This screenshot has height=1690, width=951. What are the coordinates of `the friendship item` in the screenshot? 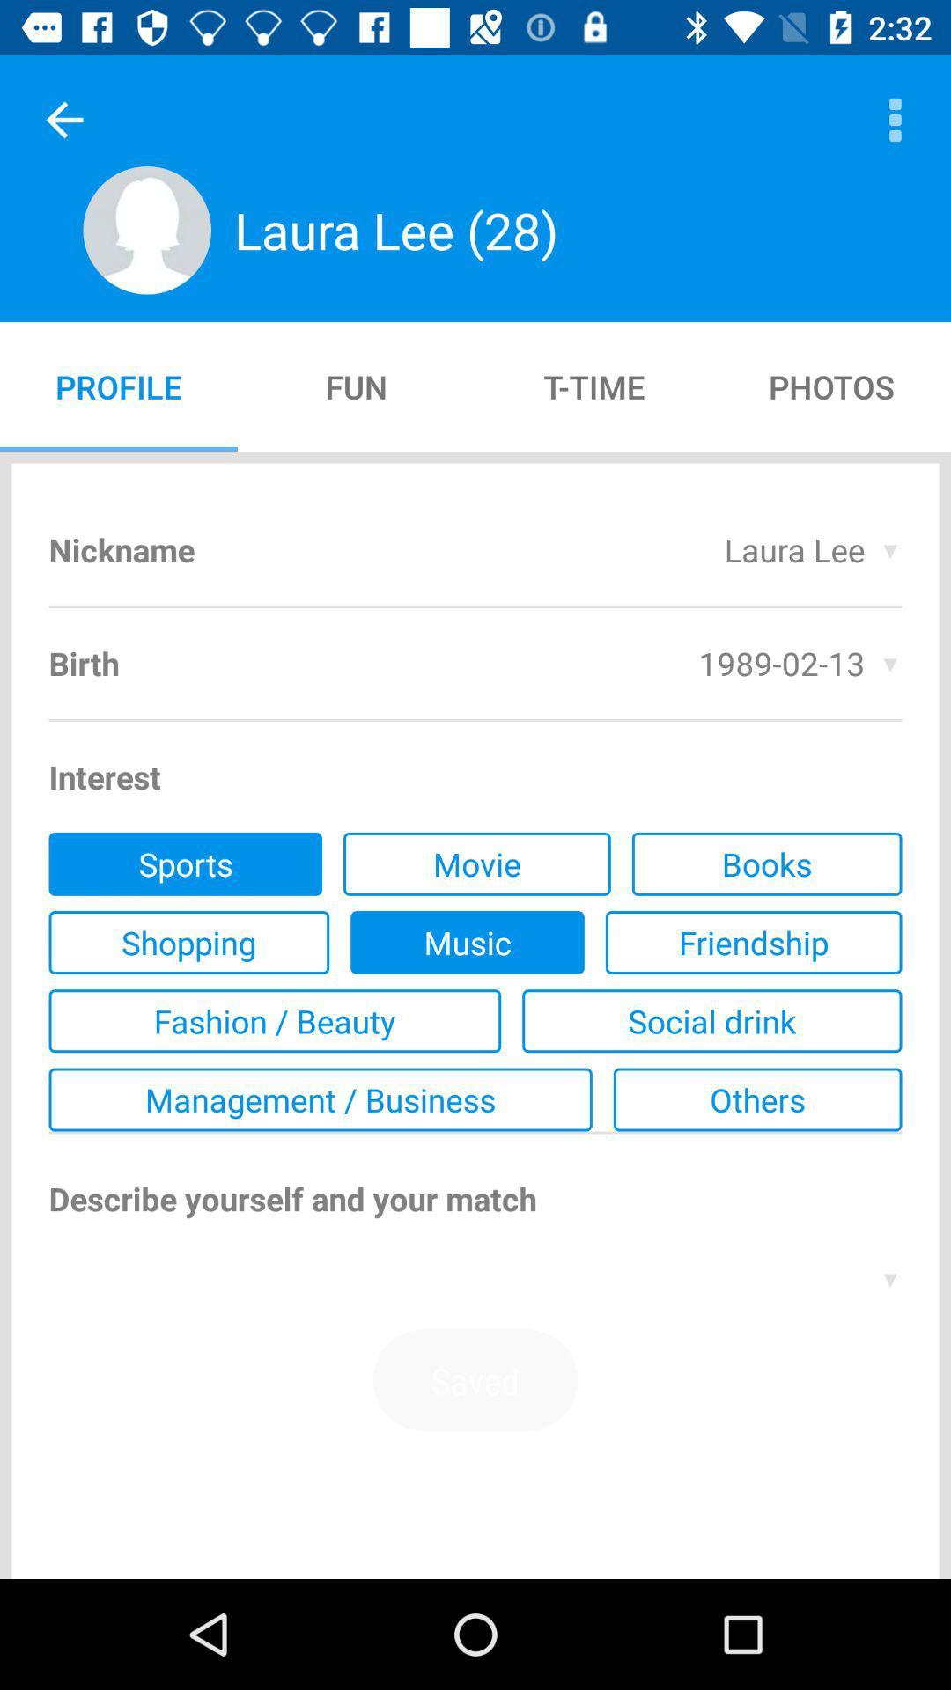 It's located at (753, 941).